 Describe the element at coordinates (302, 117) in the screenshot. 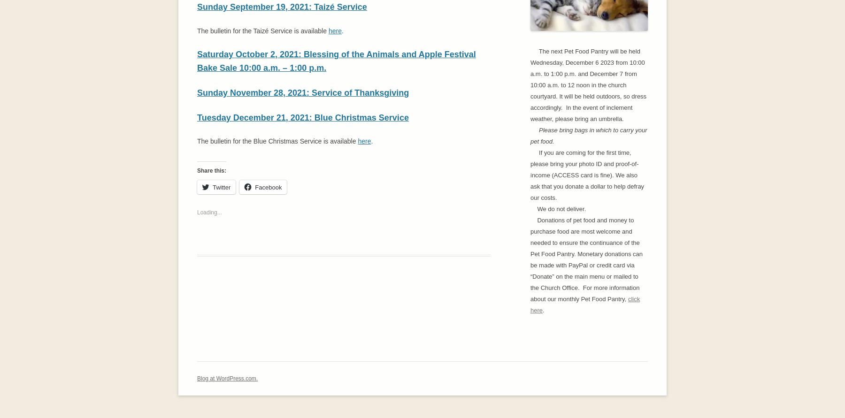

I see `'Tuesday December 21, 2021: Blue Christmas Service'` at that location.